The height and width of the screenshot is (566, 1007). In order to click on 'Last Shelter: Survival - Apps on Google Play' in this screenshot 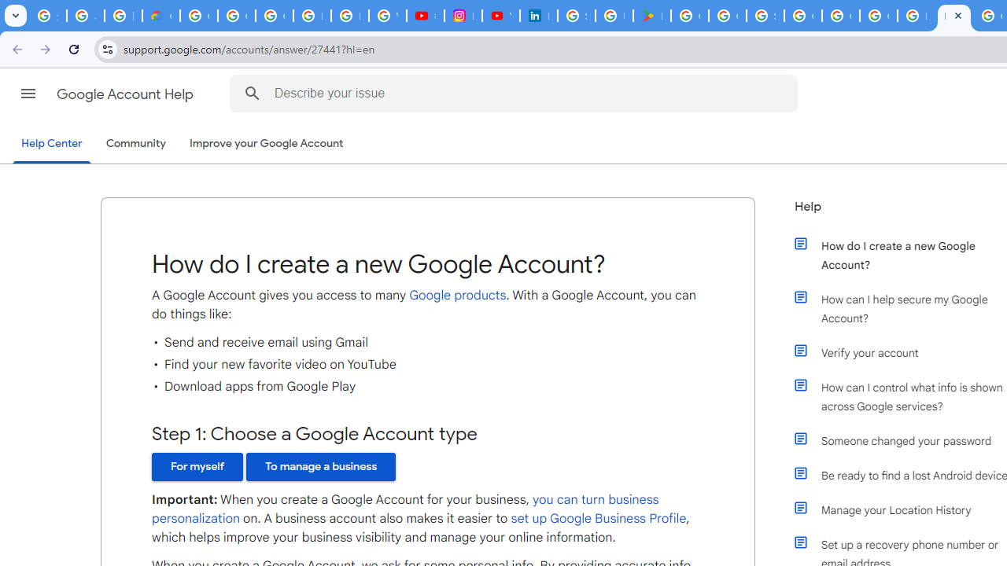, I will do `click(651, 16)`.